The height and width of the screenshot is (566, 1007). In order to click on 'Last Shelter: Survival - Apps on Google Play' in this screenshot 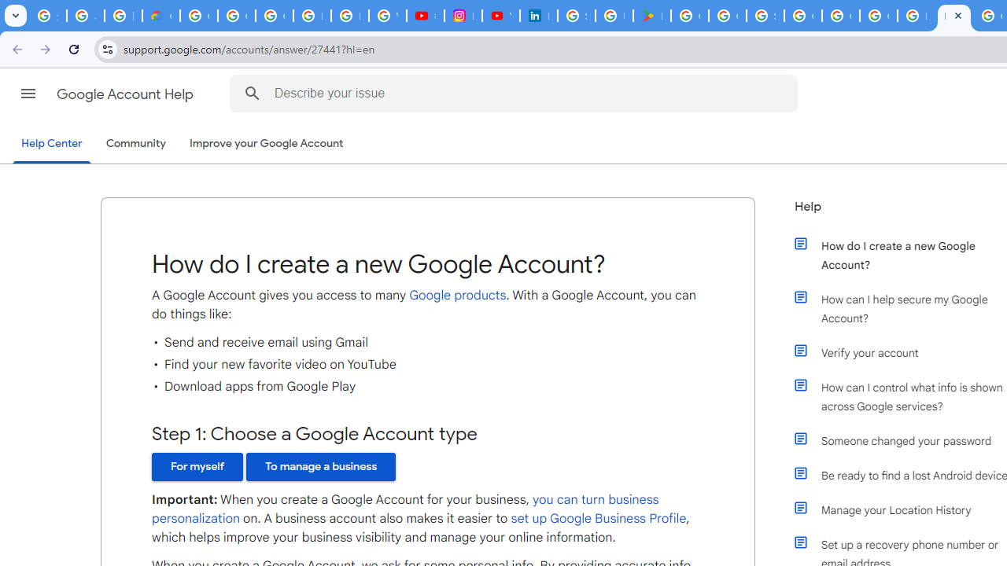, I will do `click(651, 16)`.